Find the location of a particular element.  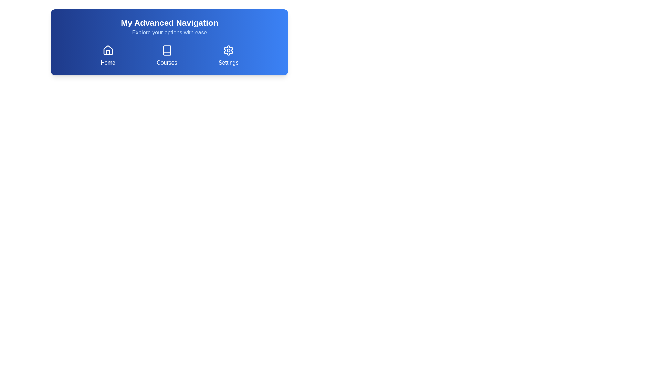

the static text element that displays 'Explore your options with ease', which is styled with a light blue font and located below 'My Advanced Navigation' is located at coordinates (169, 33).